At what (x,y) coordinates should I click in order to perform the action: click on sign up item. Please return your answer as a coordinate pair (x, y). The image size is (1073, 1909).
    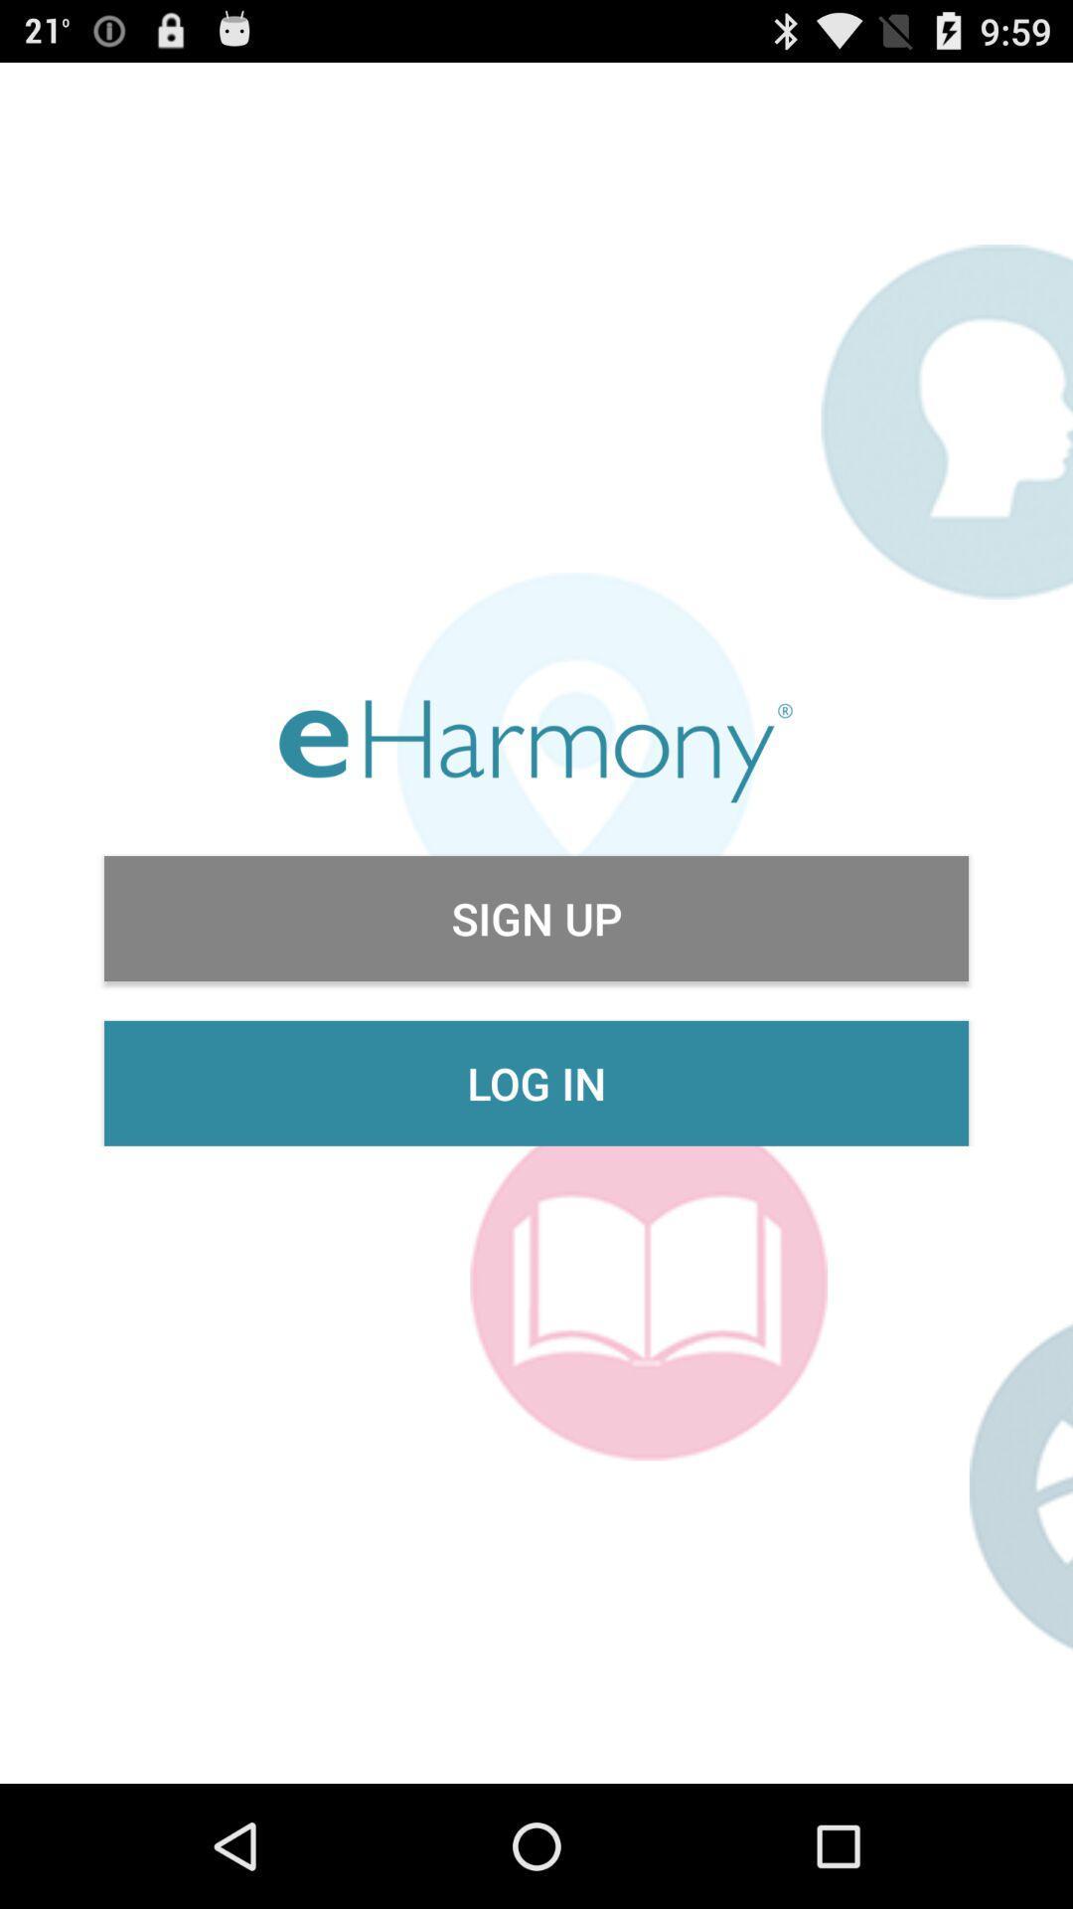
    Looking at the image, I should click on (536, 918).